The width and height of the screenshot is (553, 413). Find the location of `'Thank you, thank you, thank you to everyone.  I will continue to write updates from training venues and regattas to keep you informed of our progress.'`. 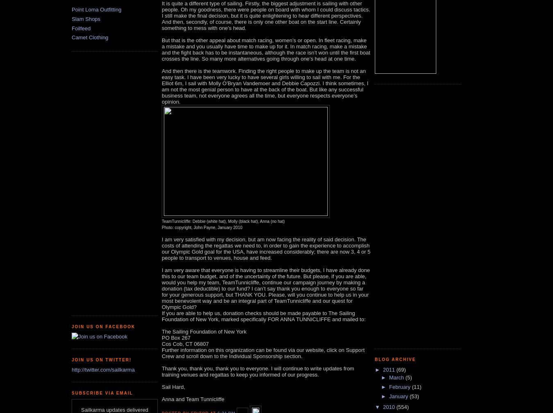

'Thank you, thank you, thank you to everyone.  I will continue to write updates from training venues and regattas to keep you informed of our progress.' is located at coordinates (258, 371).